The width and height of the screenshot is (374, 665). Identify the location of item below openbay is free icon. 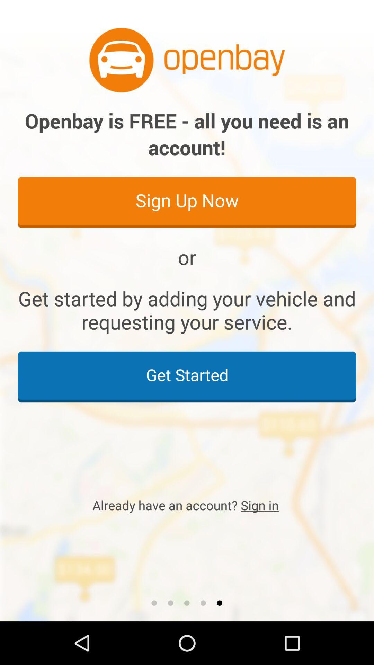
(187, 202).